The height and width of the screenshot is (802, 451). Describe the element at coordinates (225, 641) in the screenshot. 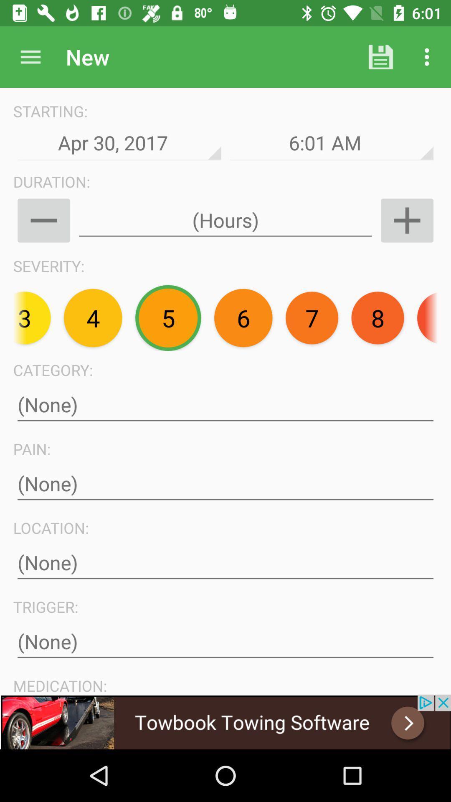

I see `type text` at that location.